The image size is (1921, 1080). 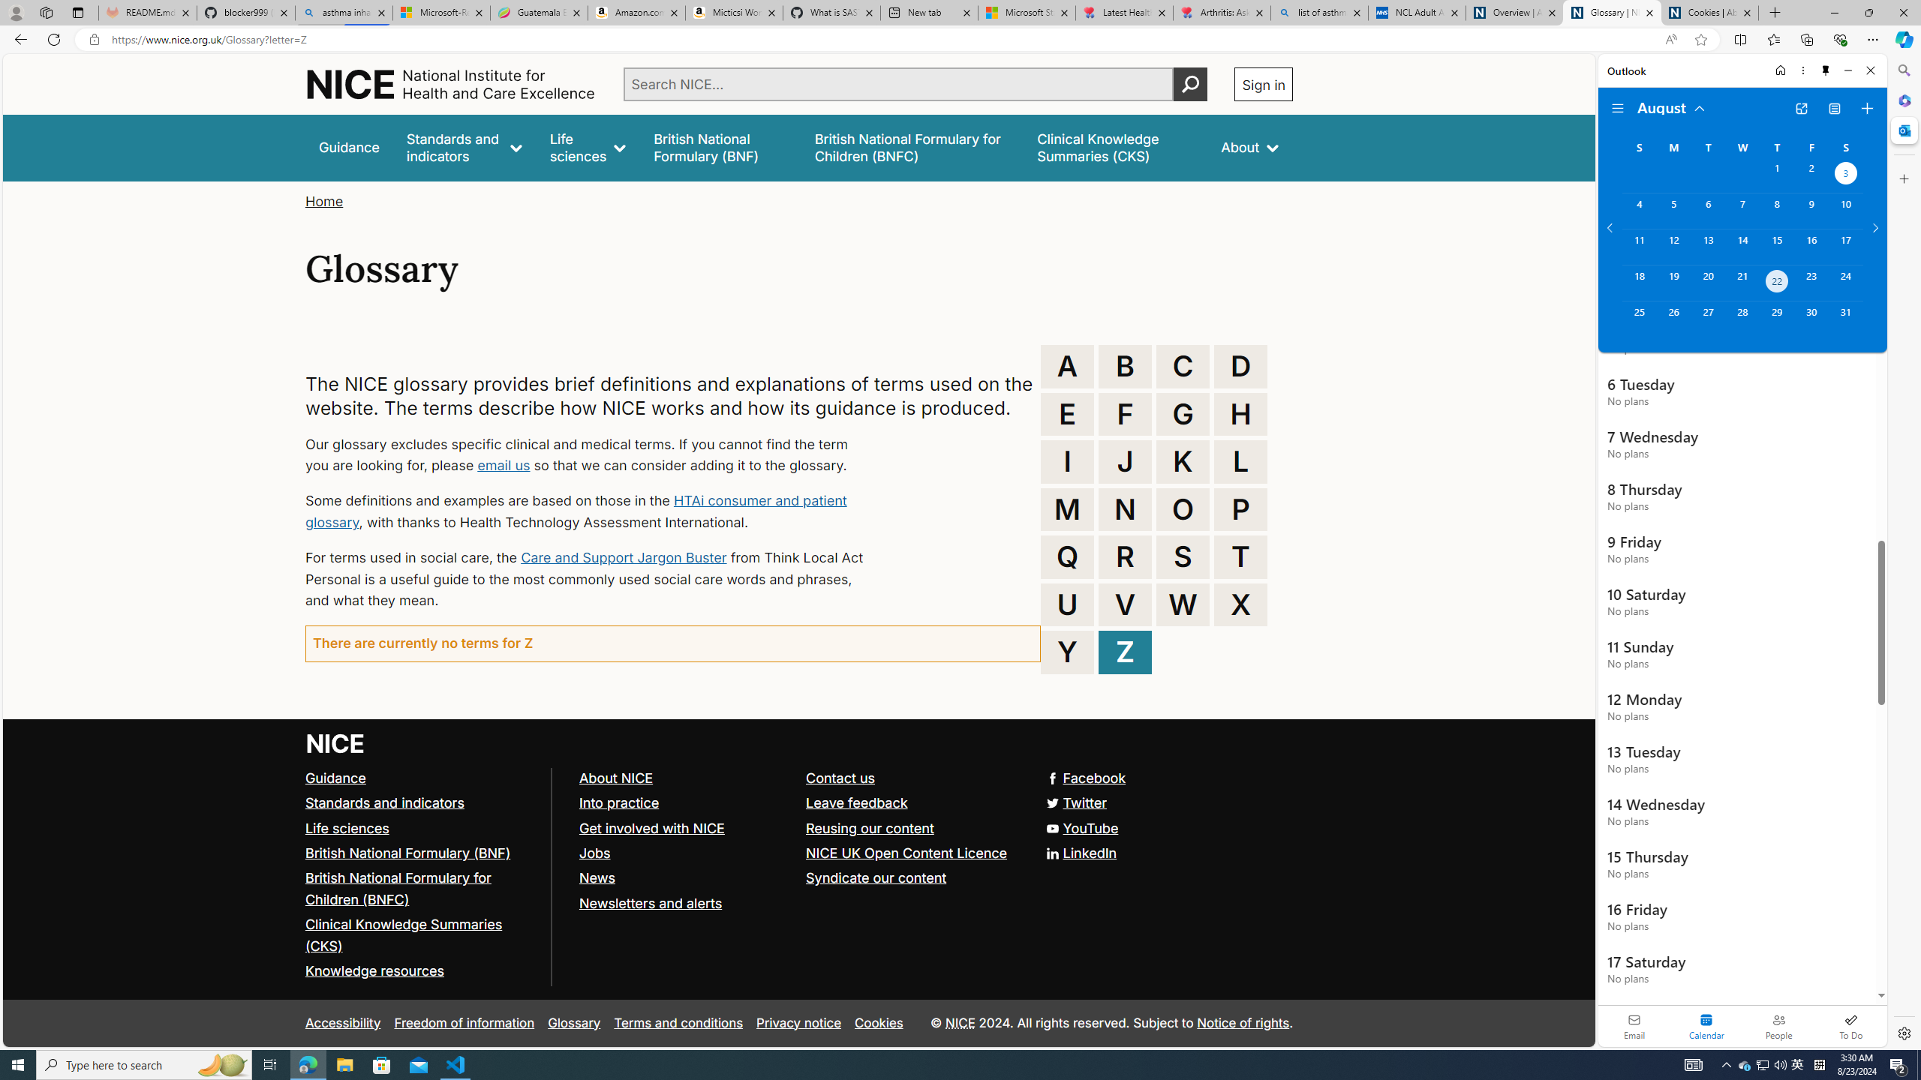 I want to click on 'Thursday, August 29, 2024. ', so click(x=1777, y=319).